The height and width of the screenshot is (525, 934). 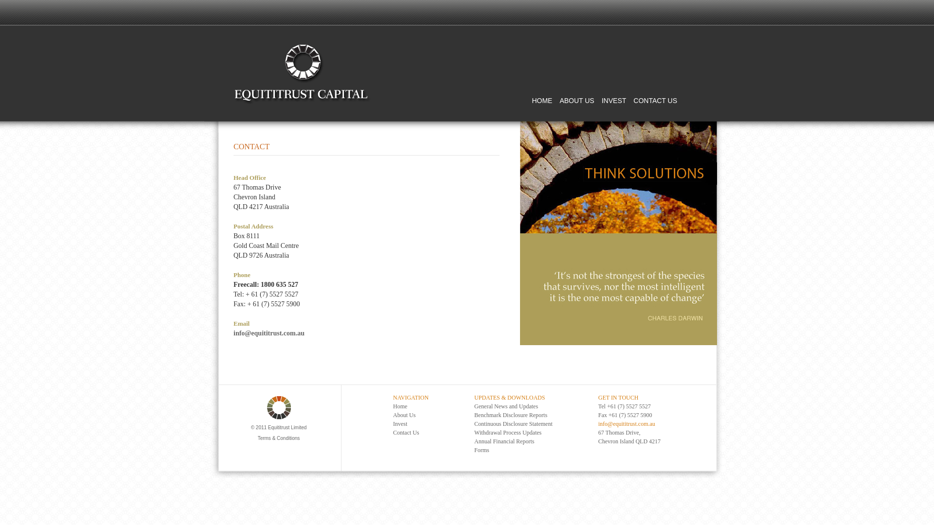 What do you see at coordinates (504, 441) in the screenshot?
I see `'Annual Financial Reports'` at bounding box center [504, 441].